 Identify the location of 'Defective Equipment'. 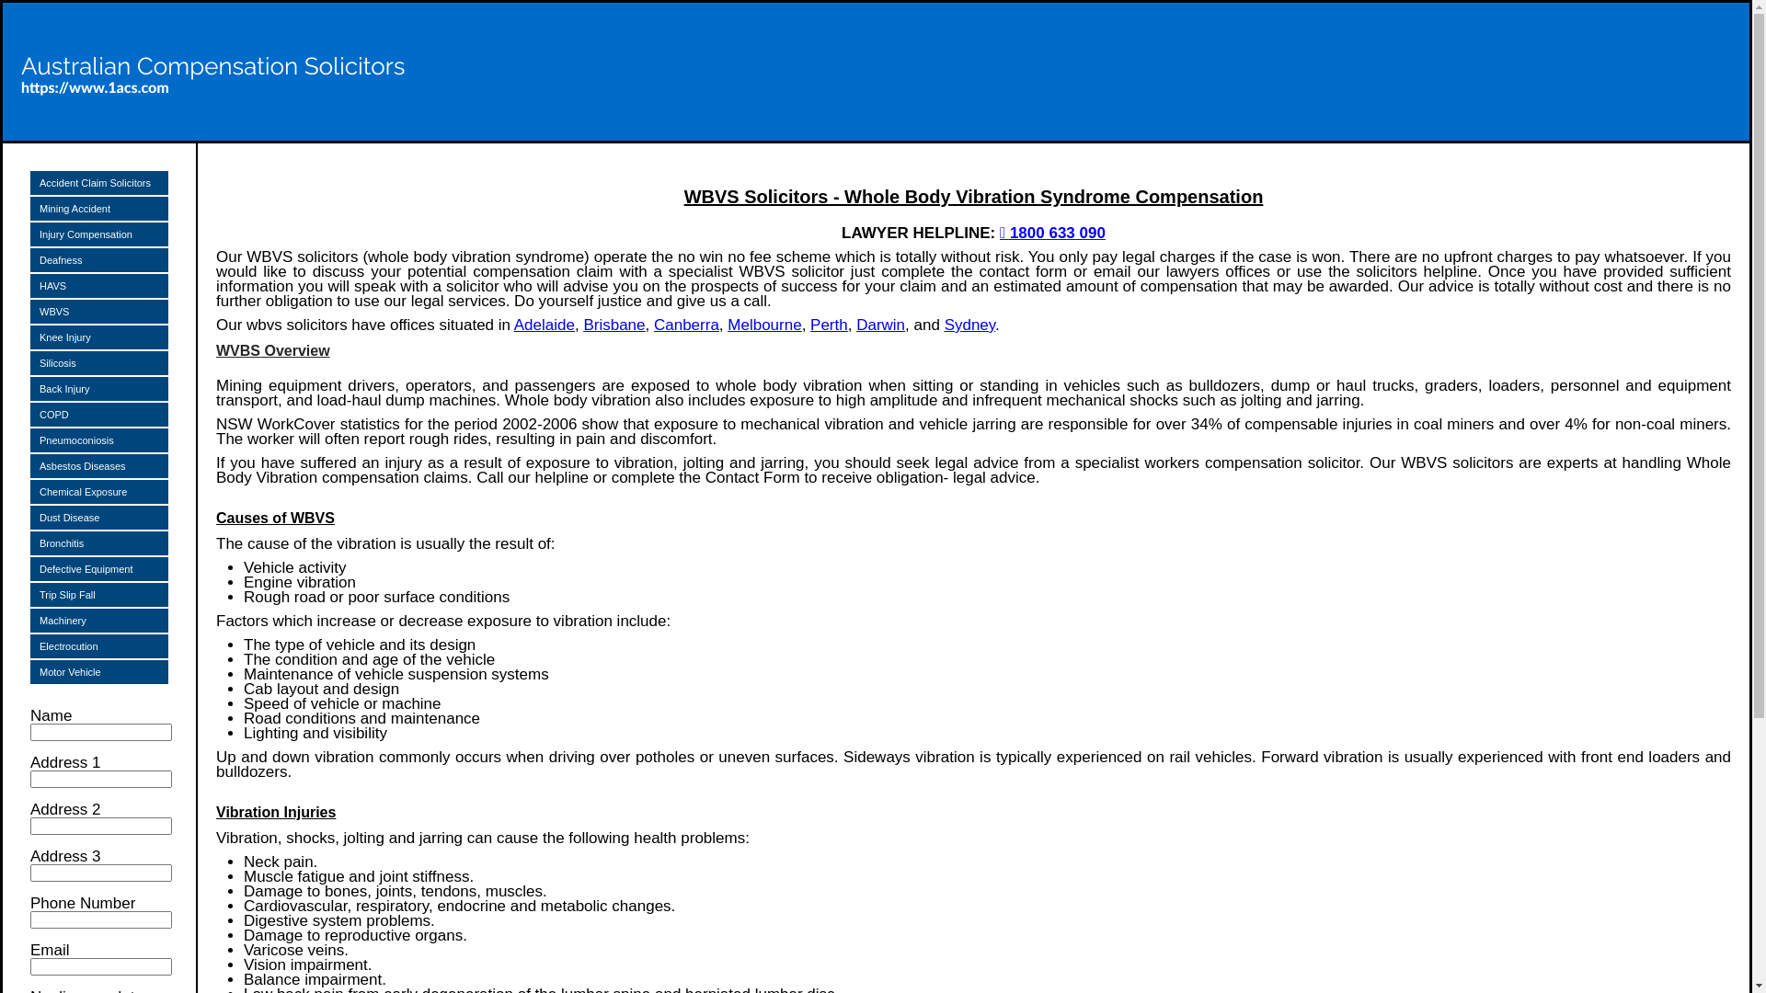
(97, 567).